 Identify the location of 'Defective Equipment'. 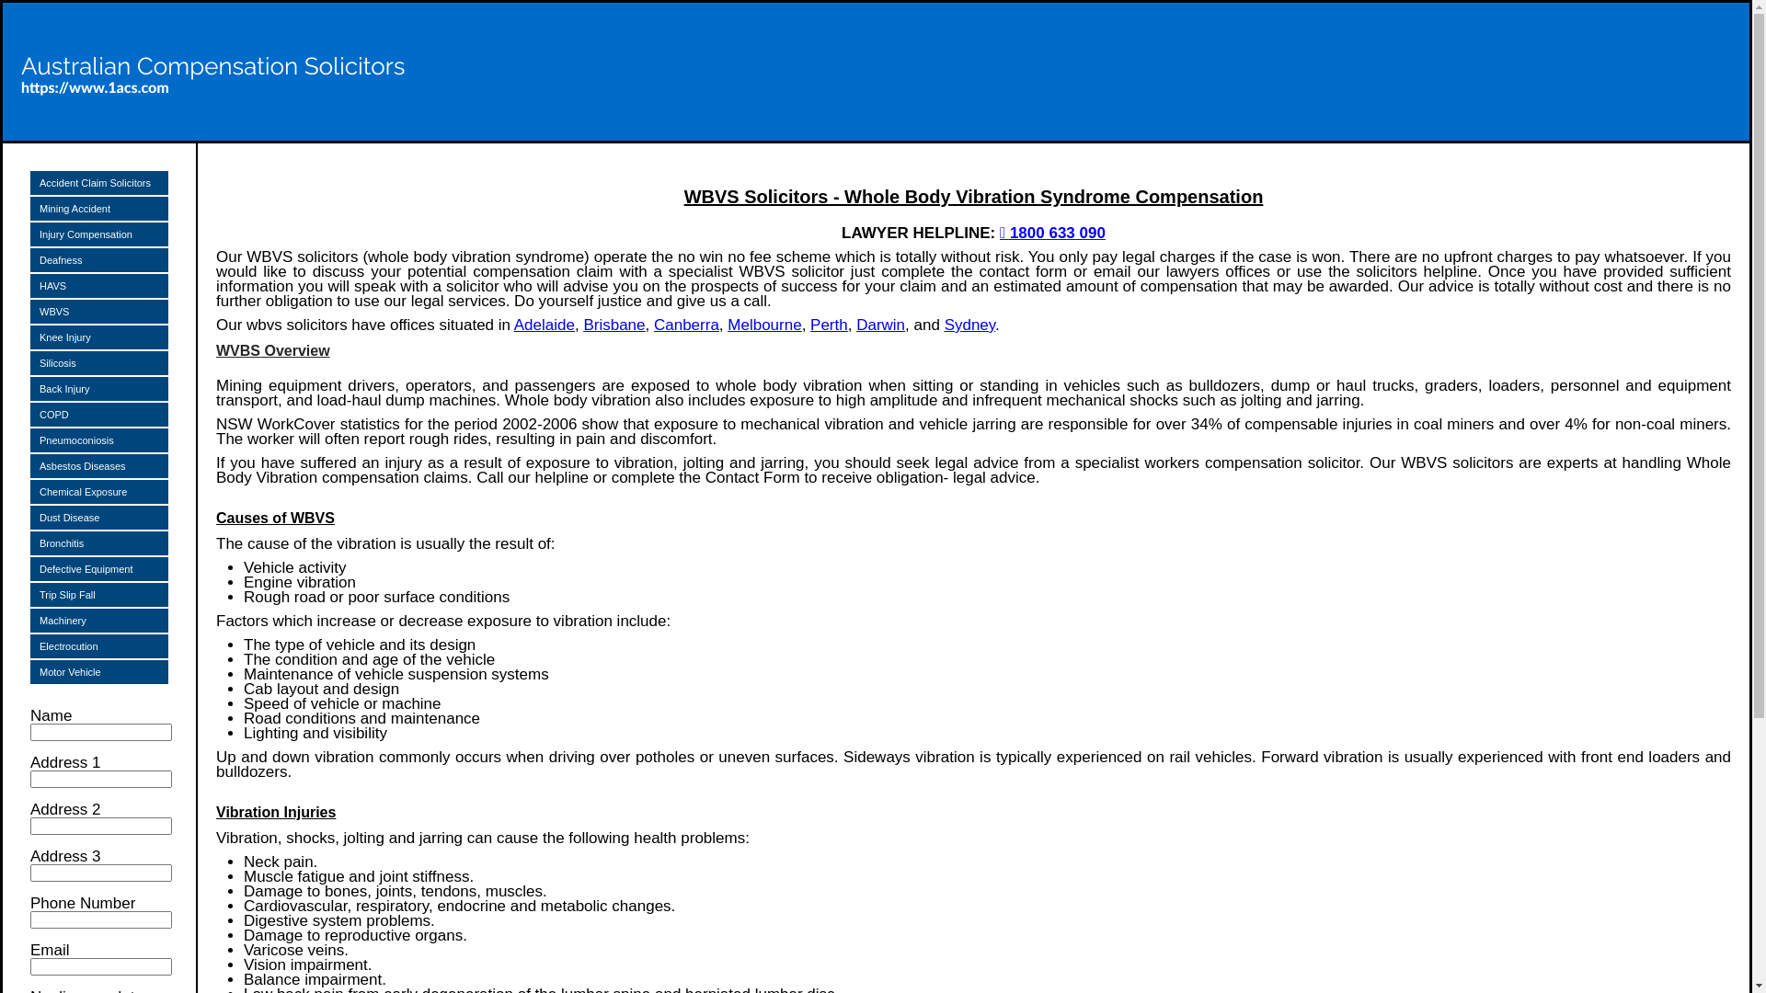
(97, 567).